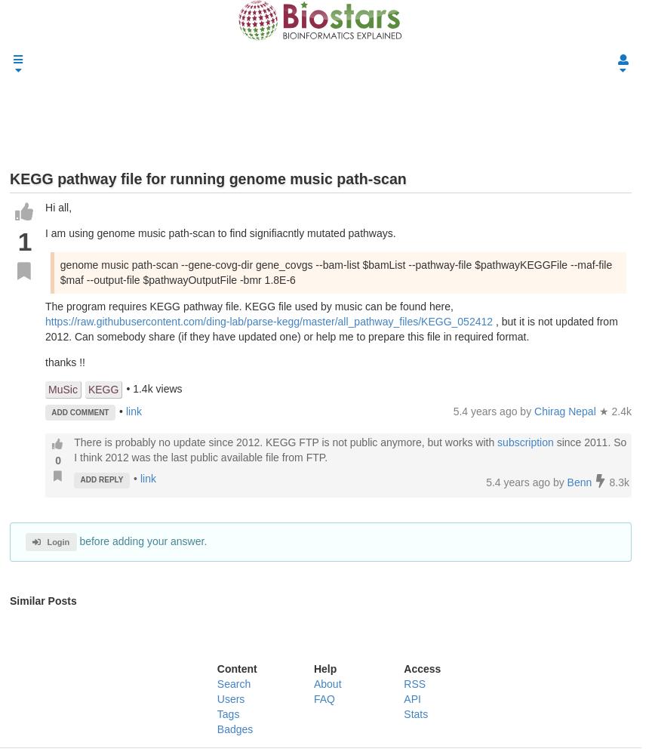 The height and width of the screenshot is (755, 652). Describe the element at coordinates (217, 699) in the screenshot. I see `'Users'` at that location.